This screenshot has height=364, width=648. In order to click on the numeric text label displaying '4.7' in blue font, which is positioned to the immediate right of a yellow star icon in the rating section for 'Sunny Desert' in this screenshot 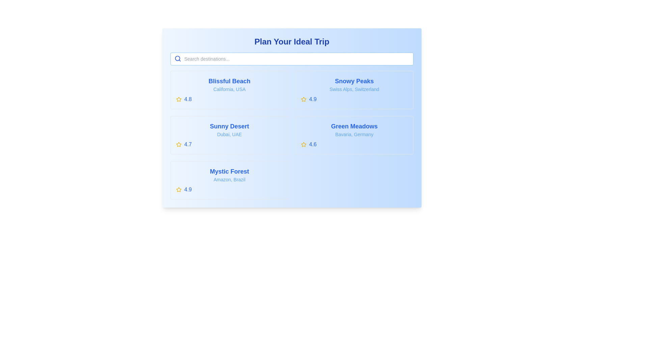, I will do `click(188, 144)`.